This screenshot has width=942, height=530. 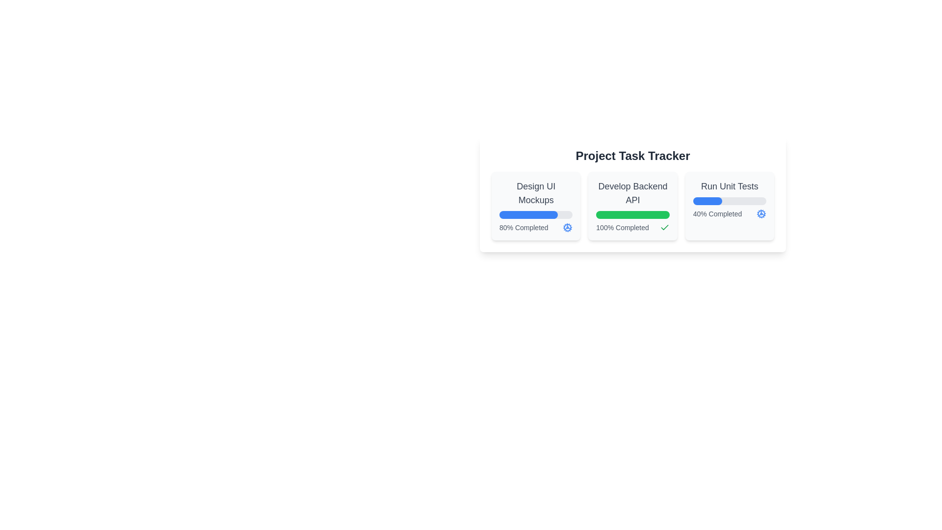 What do you see at coordinates (568, 227) in the screenshot?
I see `the circular gear icon with a thick border, located below the 'Run Unit Tests' label in the task tracker interface` at bounding box center [568, 227].